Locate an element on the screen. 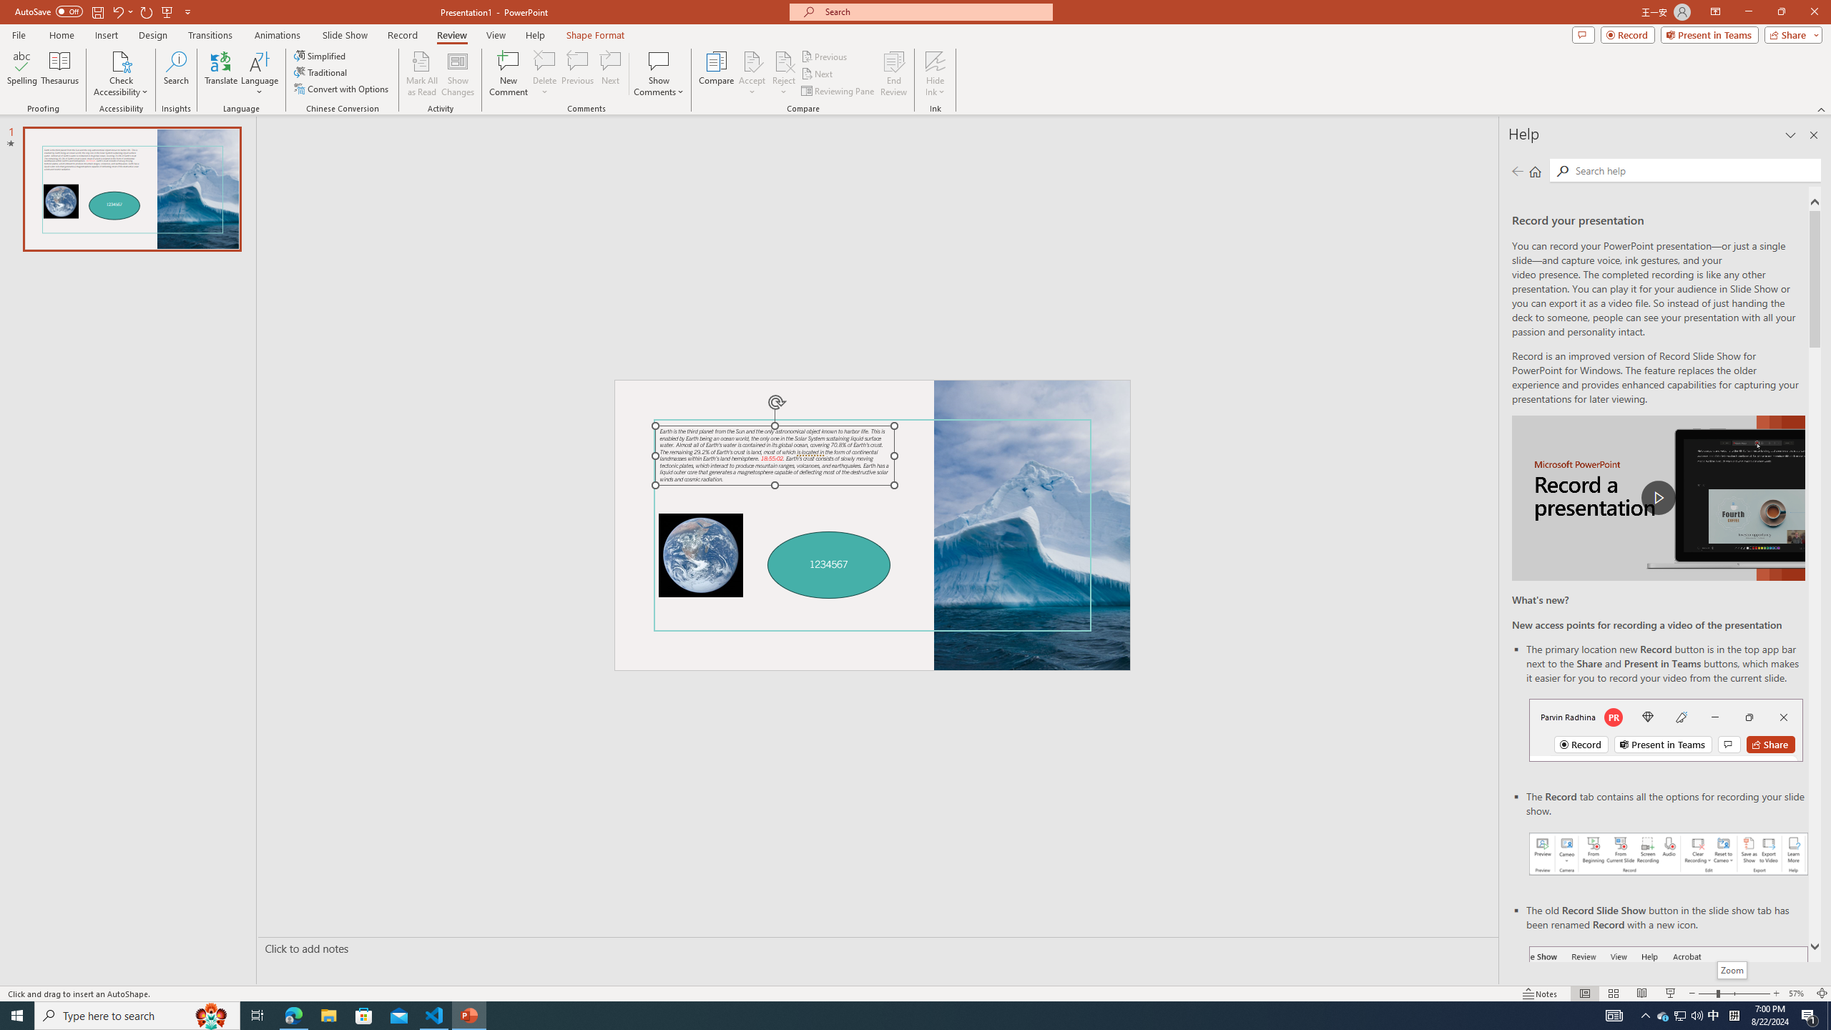 The height and width of the screenshot is (1030, 1831). 'Traditional' is located at coordinates (320, 71).